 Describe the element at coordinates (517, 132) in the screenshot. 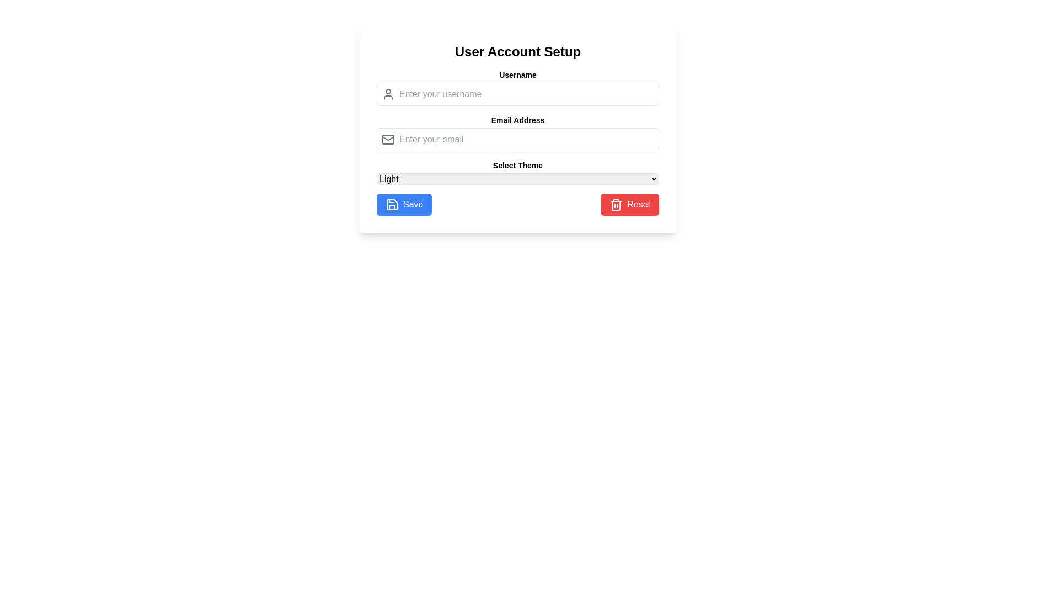

I see `the labeled input field for entering an email address to place the cursor in it` at that location.